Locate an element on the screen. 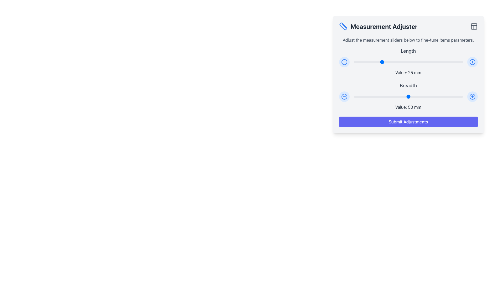  the 'Breadth' slider located in the control panel is located at coordinates (408, 96).